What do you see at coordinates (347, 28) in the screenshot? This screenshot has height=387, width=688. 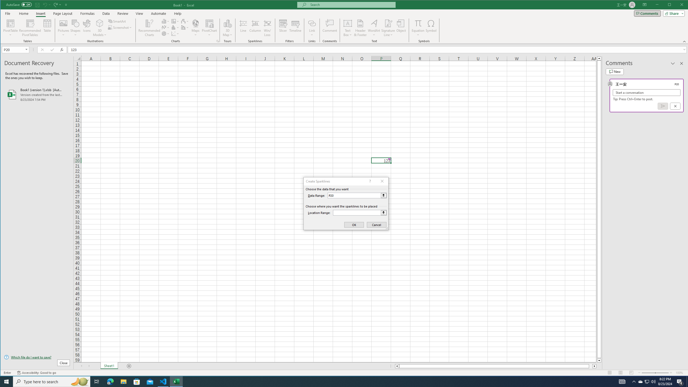 I see `'Text Box'` at bounding box center [347, 28].